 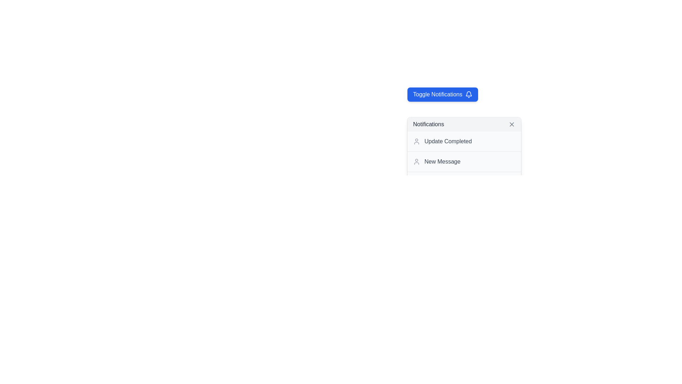 What do you see at coordinates (442, 162) in the screenshot?
I see `the notification title text that indicates an update or message received by the user, positioned next to a user icon within the notification dropdown` at bounding box center [442, 162].